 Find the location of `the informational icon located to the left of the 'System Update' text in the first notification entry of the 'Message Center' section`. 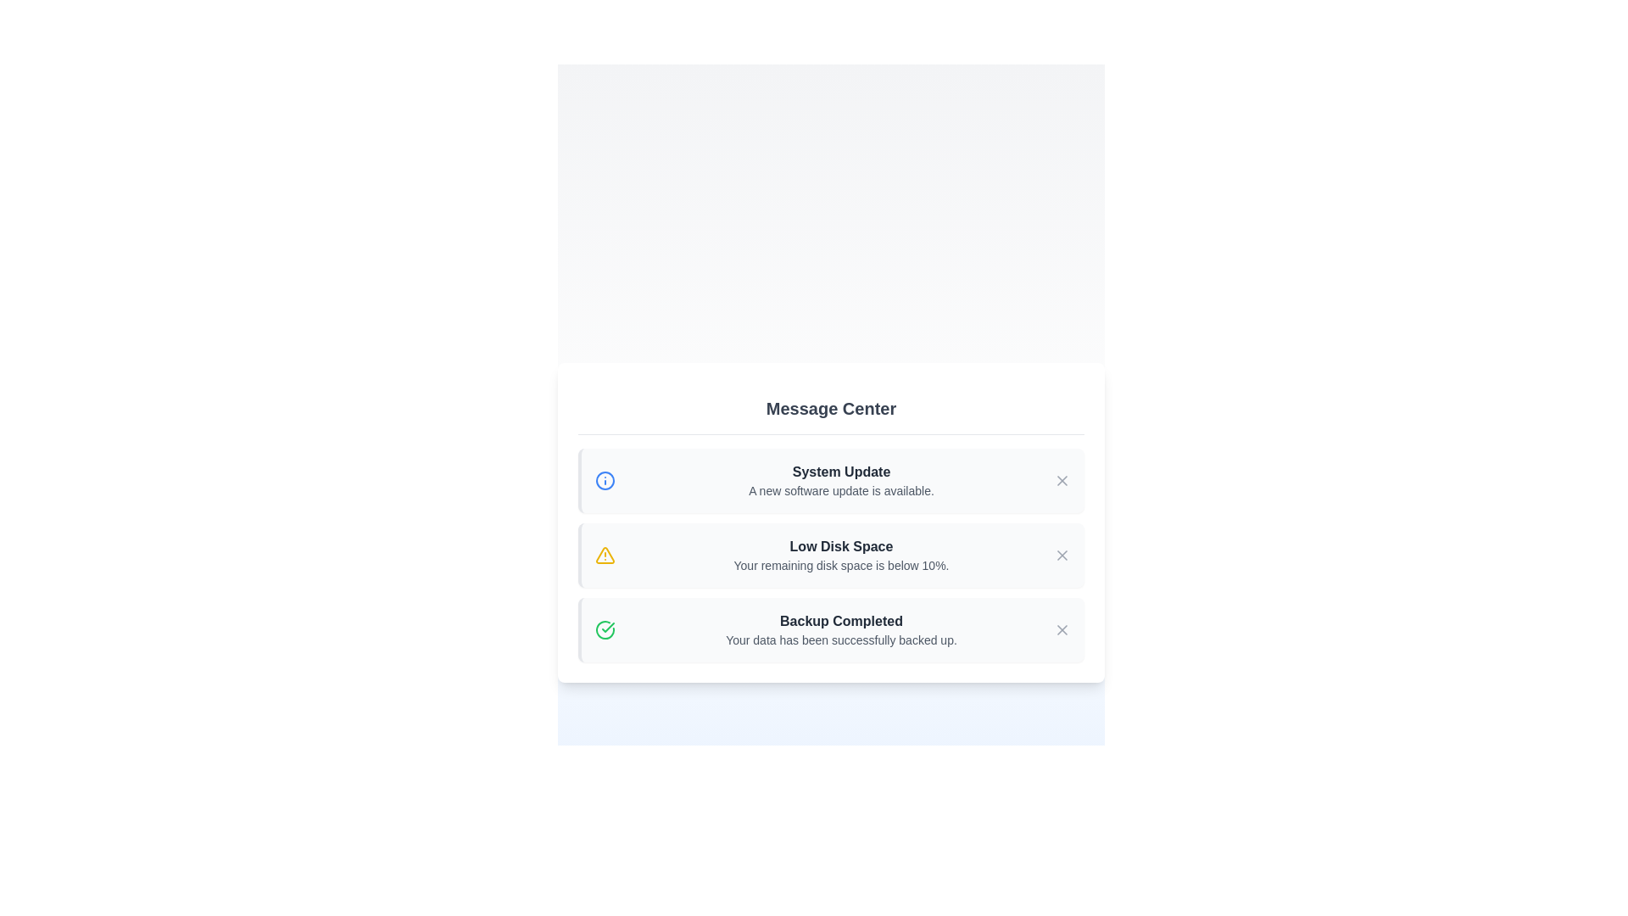

the informational icon located to the left of the 'System Update' text in the first notification entry of the 'Message Center' section is located at coordinates (605, 480).